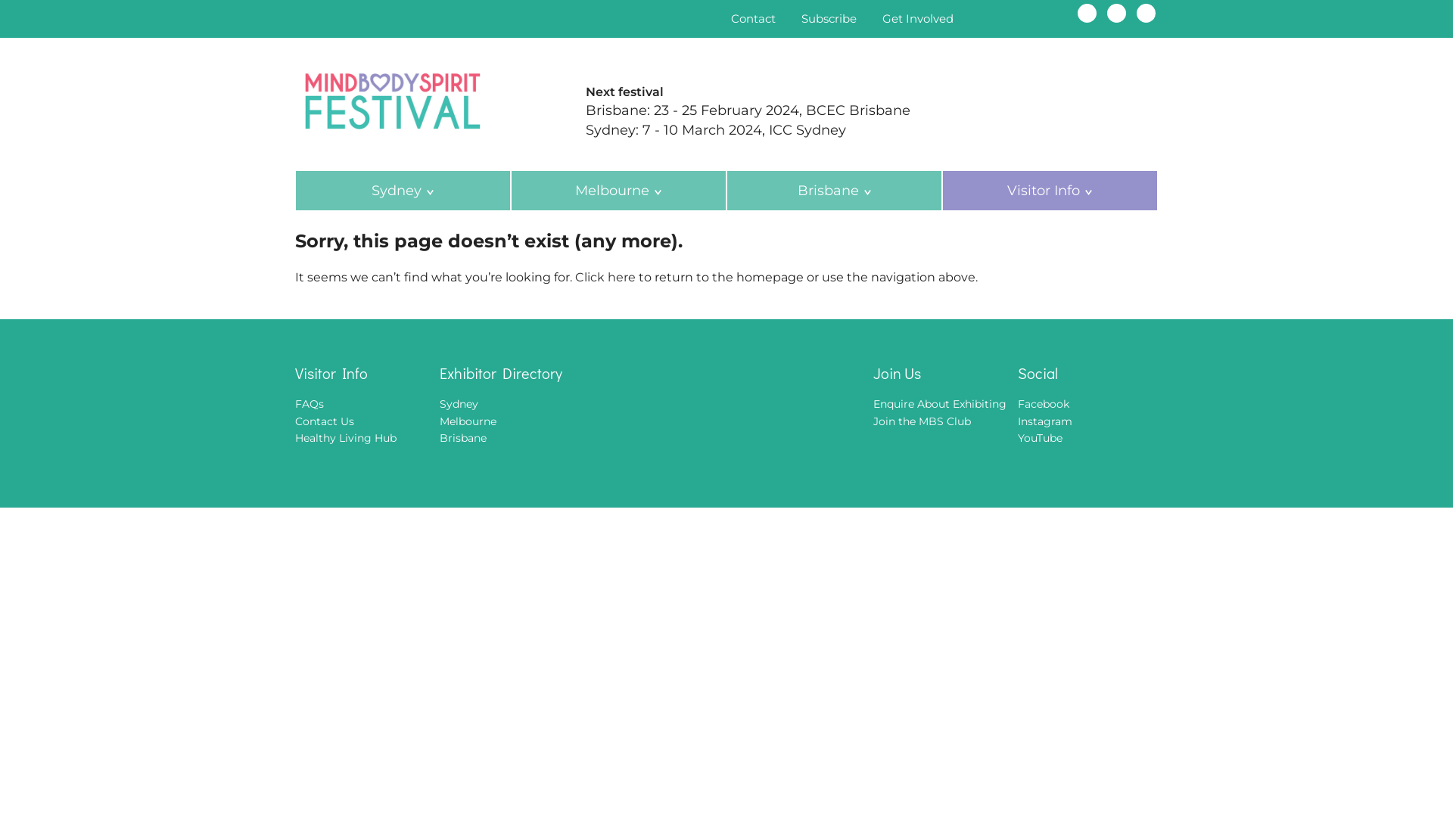  Describe the element at coordinates (1039, 437) in the screenshot. I see `'YouTube'` at that location.